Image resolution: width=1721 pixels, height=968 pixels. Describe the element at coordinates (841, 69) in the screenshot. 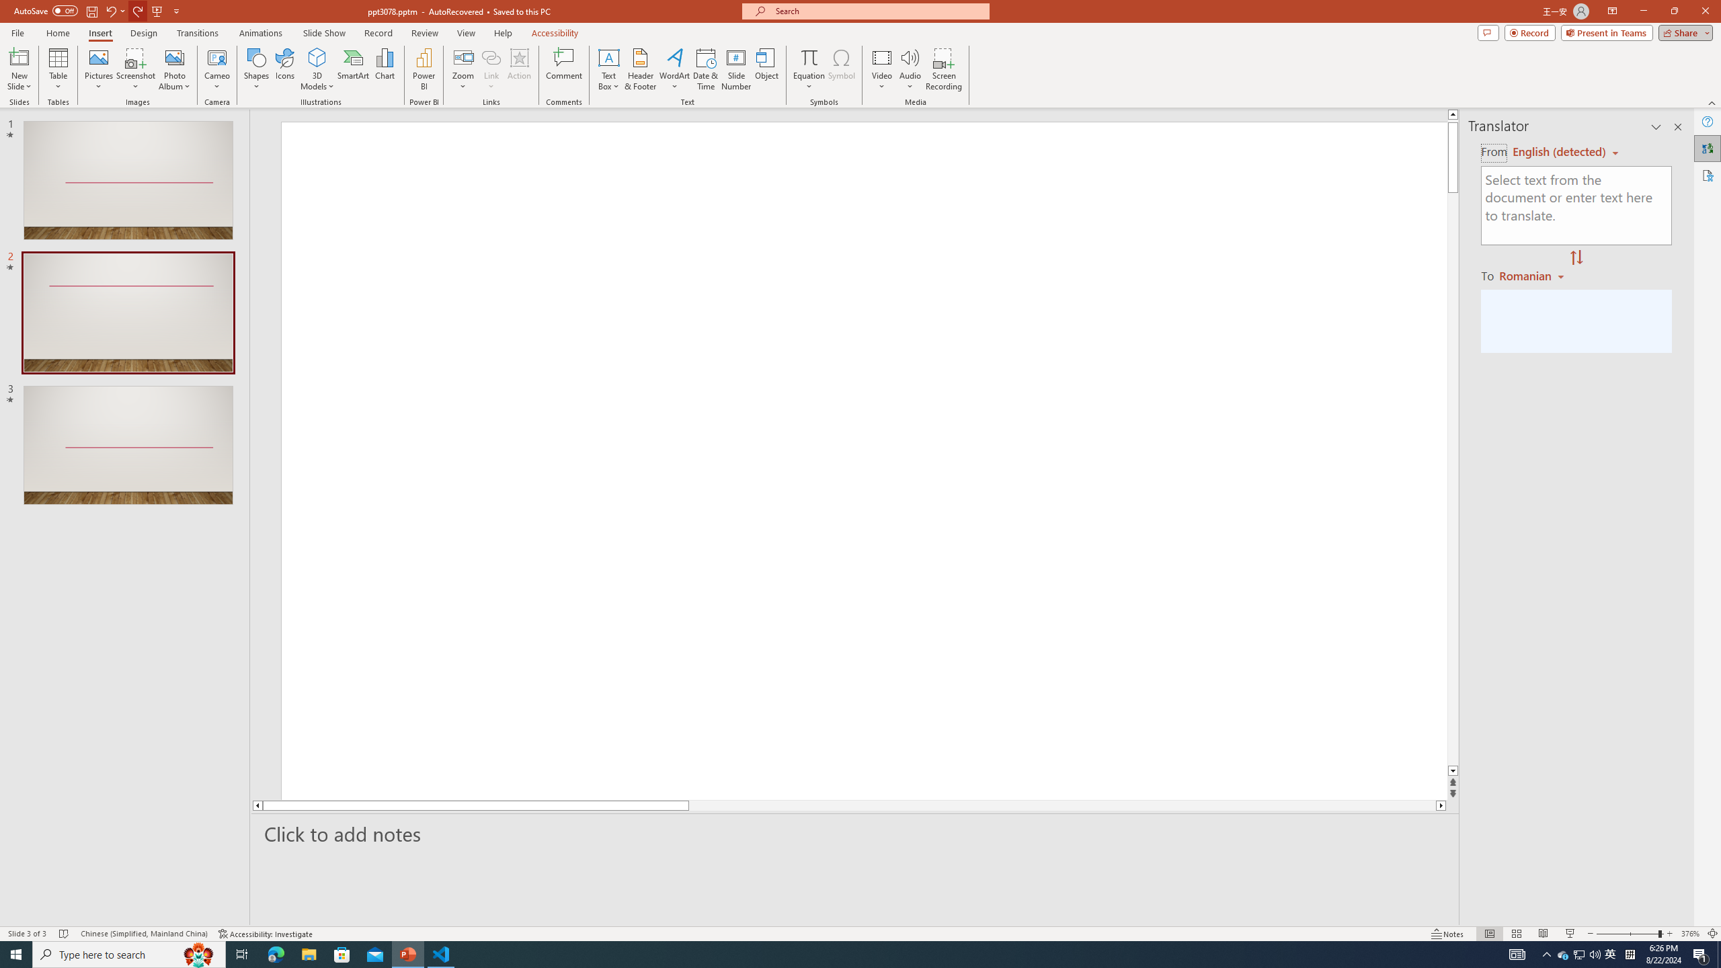

I see `'Symbol...'` at that location.